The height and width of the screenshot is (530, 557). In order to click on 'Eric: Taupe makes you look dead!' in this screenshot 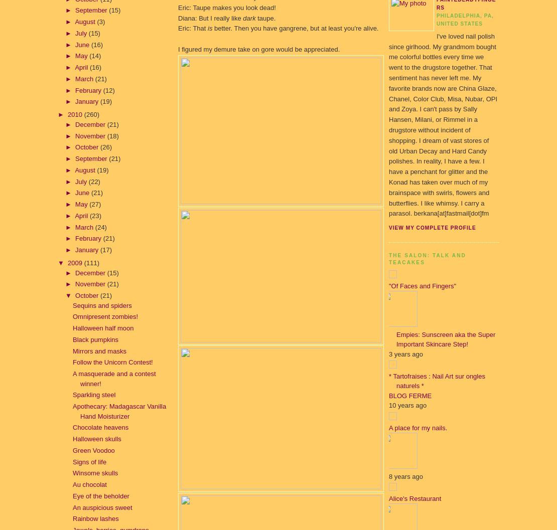, I will do `click(226, 7)`.